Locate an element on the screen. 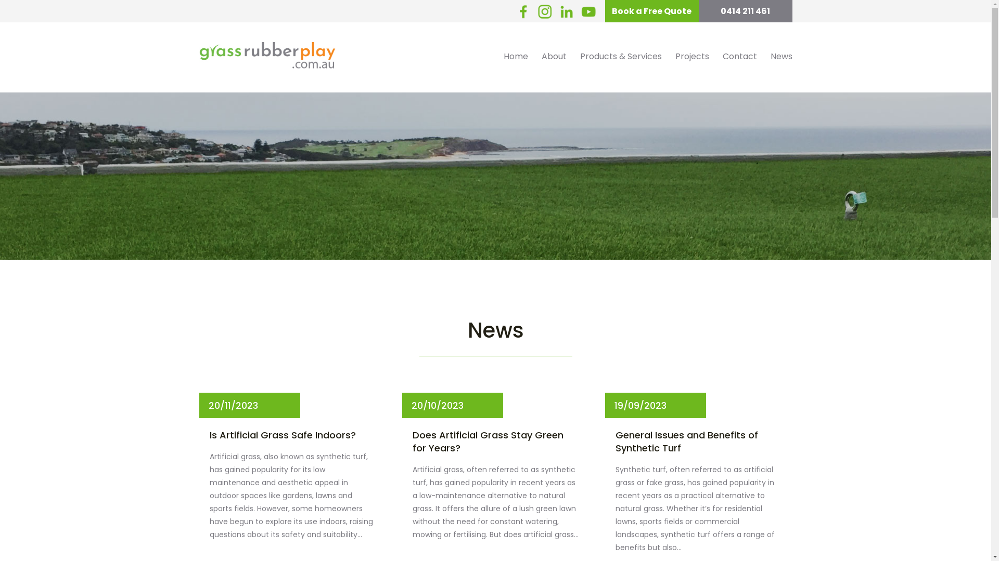  'Products & Services' is located at coordinates (621, 56).